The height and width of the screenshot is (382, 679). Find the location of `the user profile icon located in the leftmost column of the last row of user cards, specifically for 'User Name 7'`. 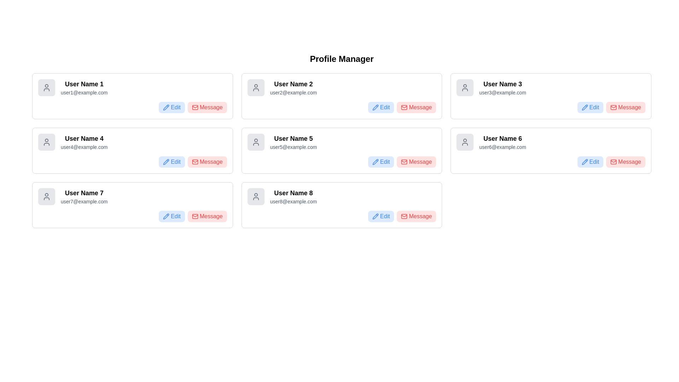

the user profile icon located in the leftmost column of the last row of user cards, specifically for 'User Name 7' is located at coordinates (46, 196).